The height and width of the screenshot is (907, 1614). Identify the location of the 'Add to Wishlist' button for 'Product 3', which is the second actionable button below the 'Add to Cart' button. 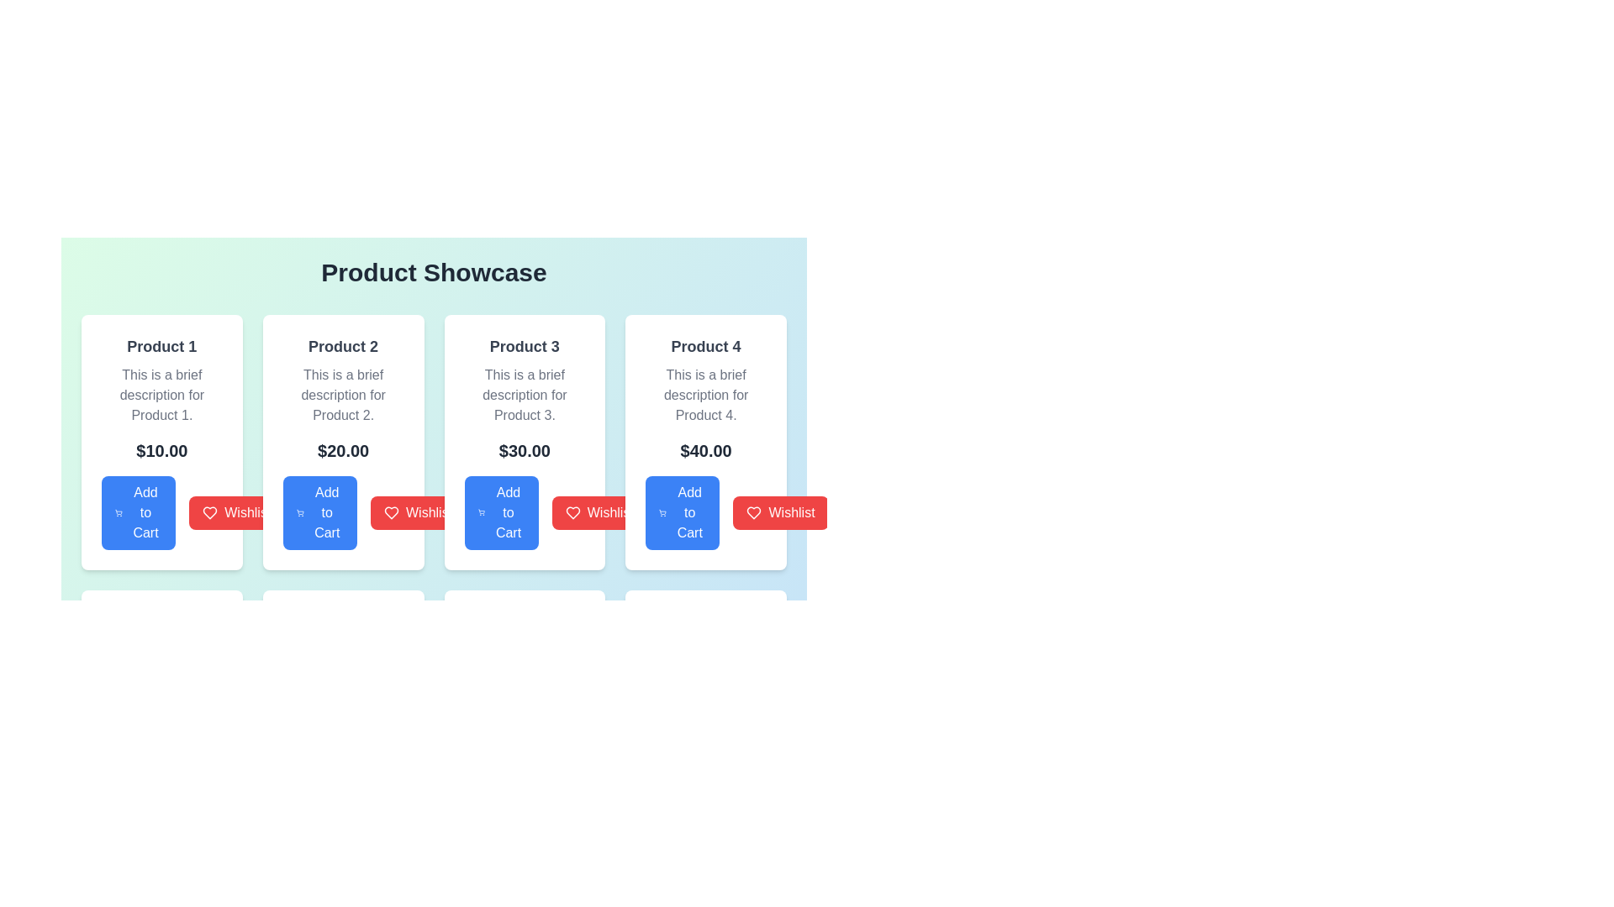
(418, 511).